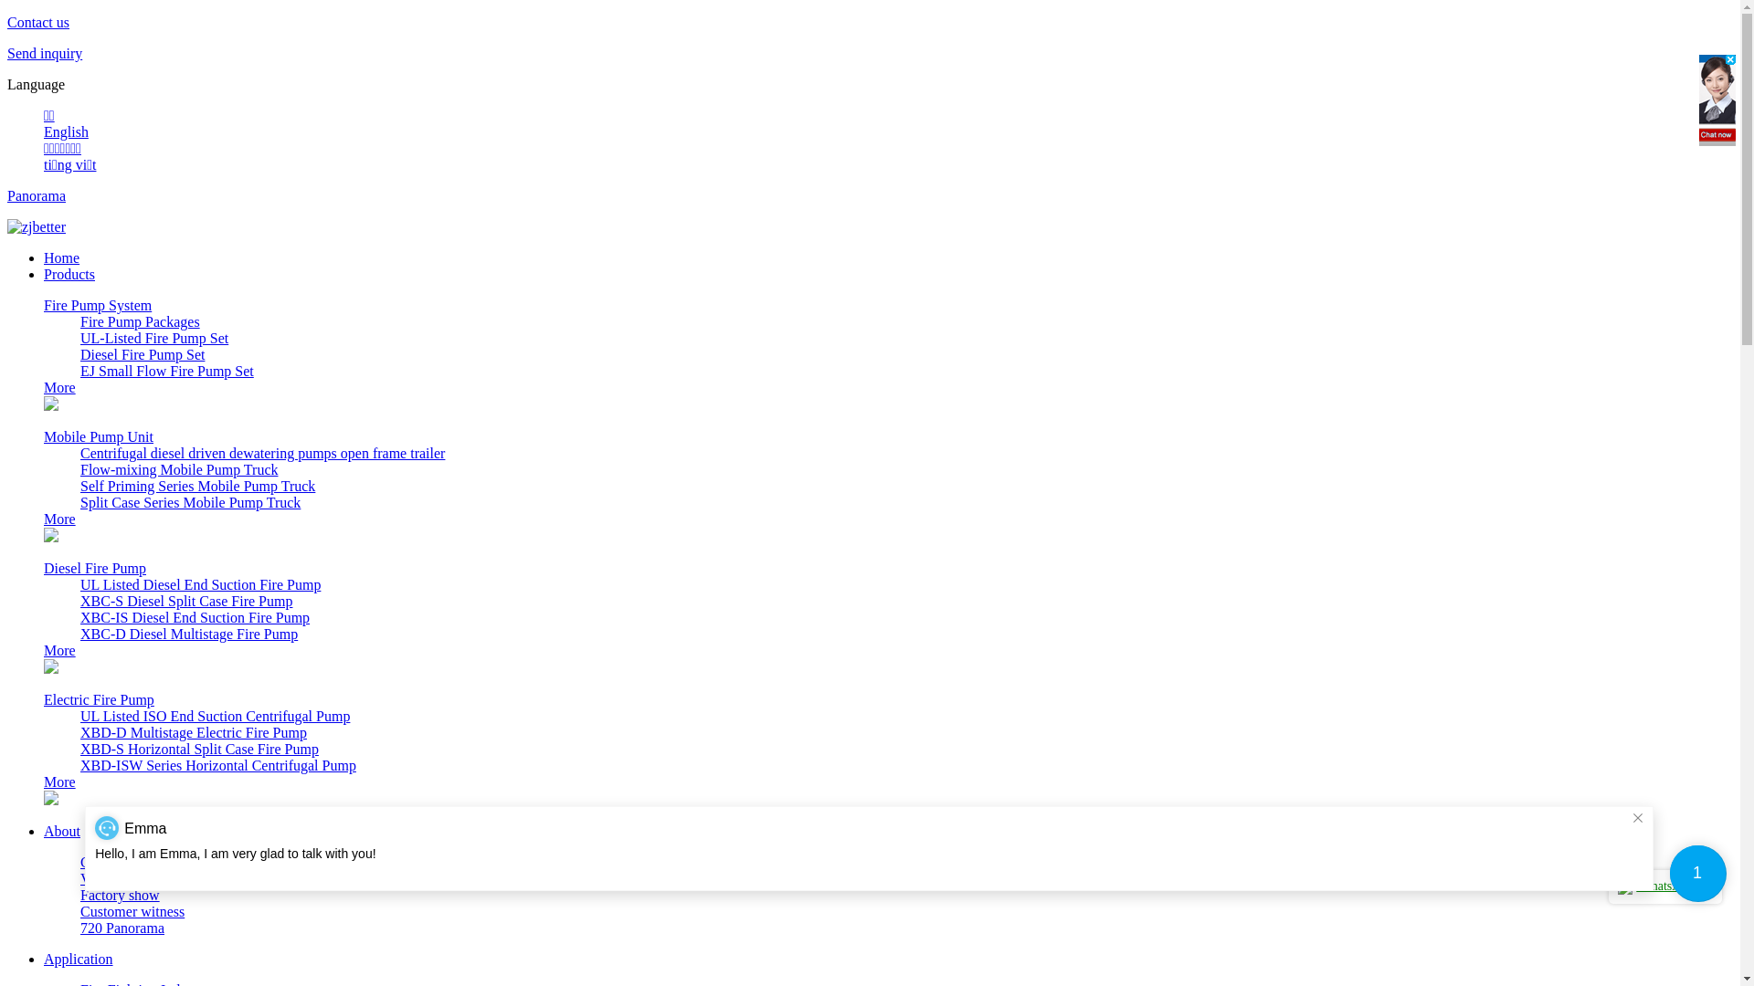 The image size is (1754, 986). What do you see at coordinates (188, 633) in the screenshot?
I see `'XBC-D Diesel Multistage Fire Pump'` at bounding box center [188, 633].